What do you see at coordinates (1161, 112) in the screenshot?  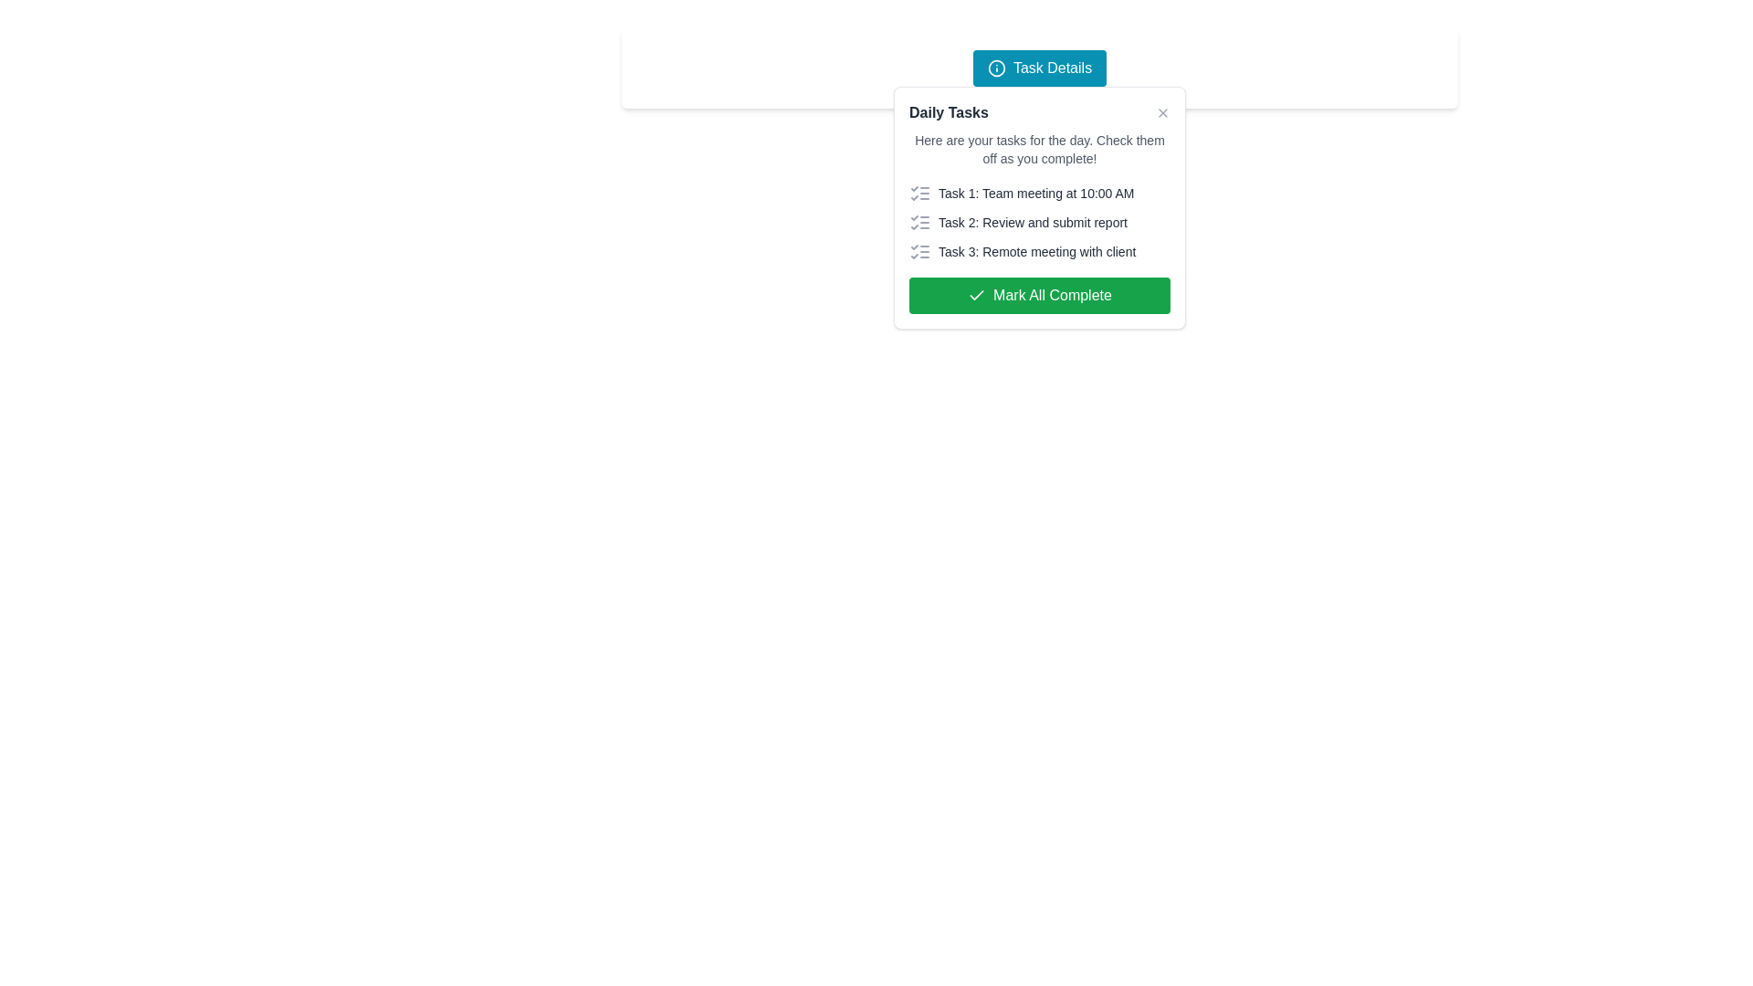 I see `the close button element with an 'X' icon located in the top-right corner of the 'Daily Tasks' card to observe the color change` at bounding box center [1161, 112].